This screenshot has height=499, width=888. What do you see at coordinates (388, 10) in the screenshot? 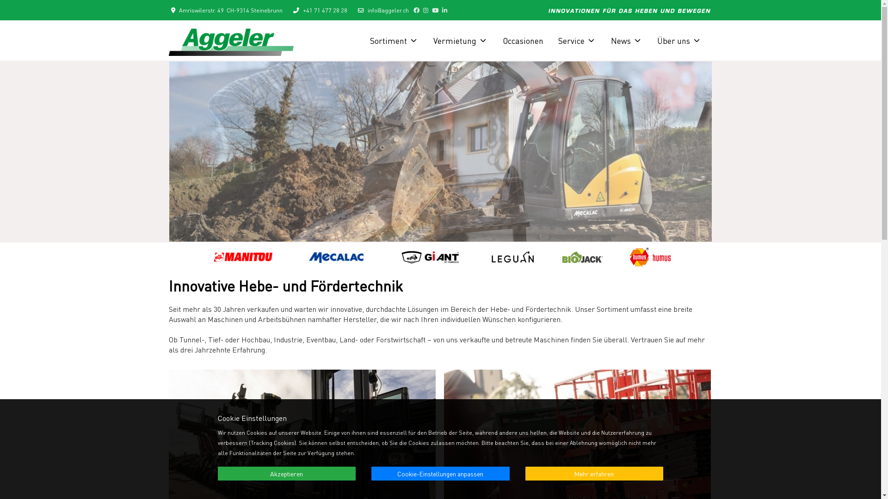
I see `'info@aggeler.ch'` at bounding box center [388, 10].